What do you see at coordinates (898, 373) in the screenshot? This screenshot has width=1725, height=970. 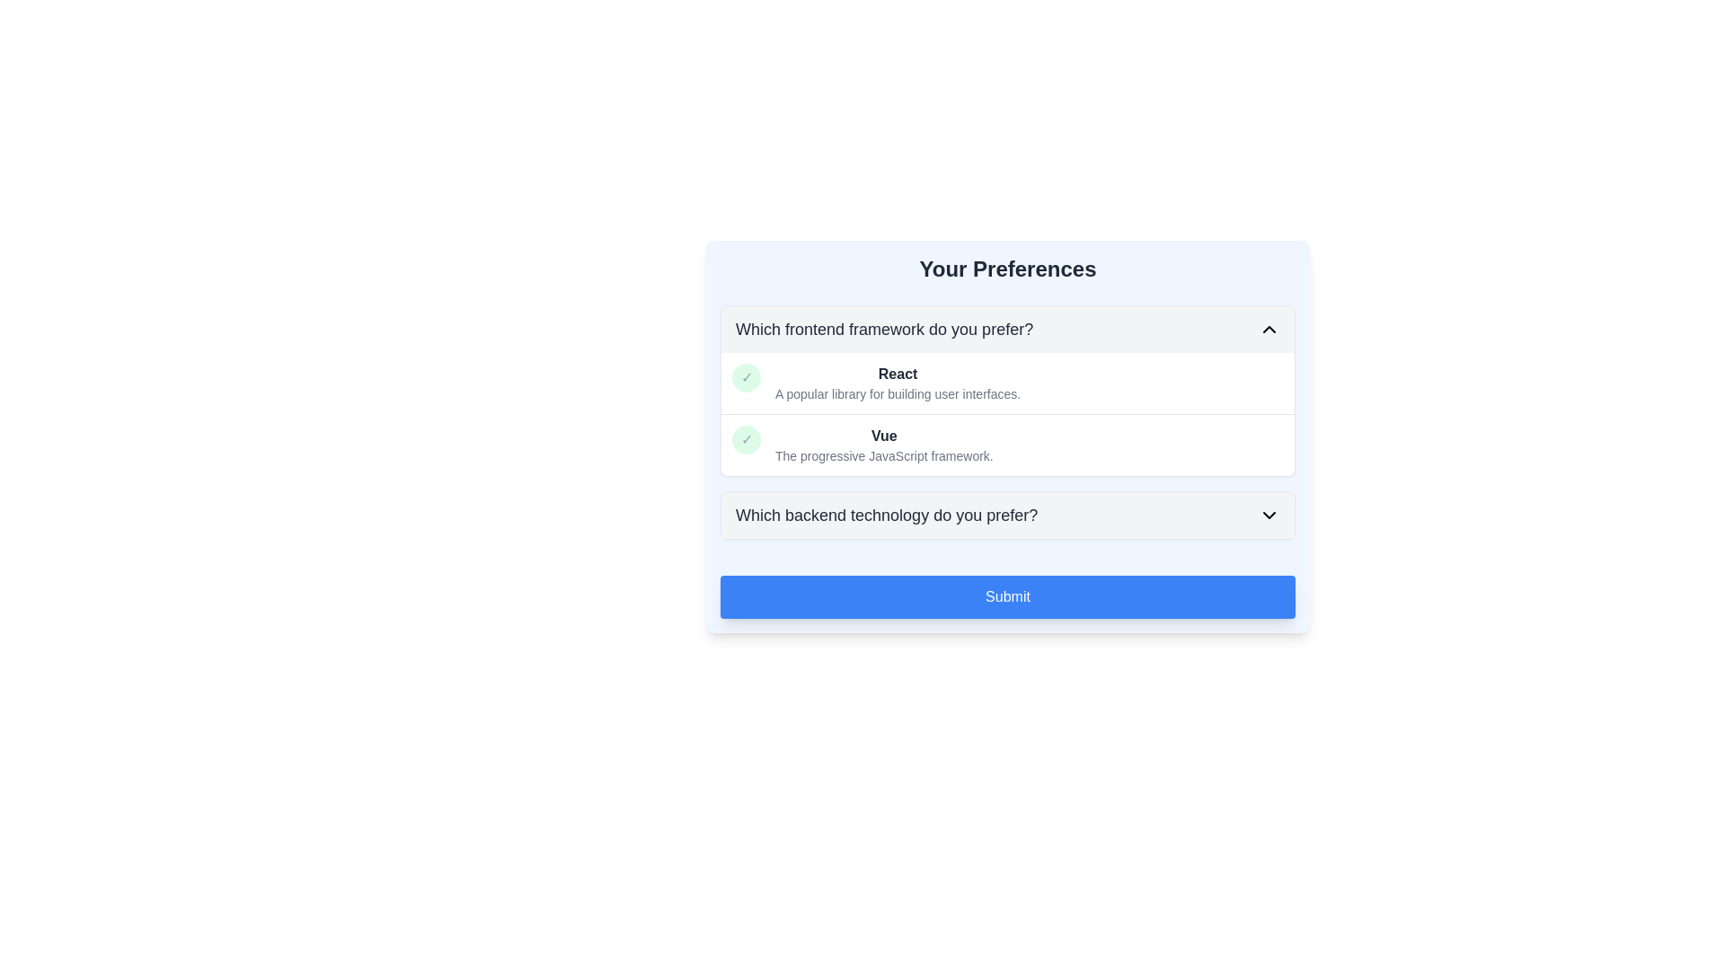 I see `the label that serves as the title for the 'React' framework option located beneath the question 'Which frontend framework do you prefer?'` at bounding box center [898, 373].